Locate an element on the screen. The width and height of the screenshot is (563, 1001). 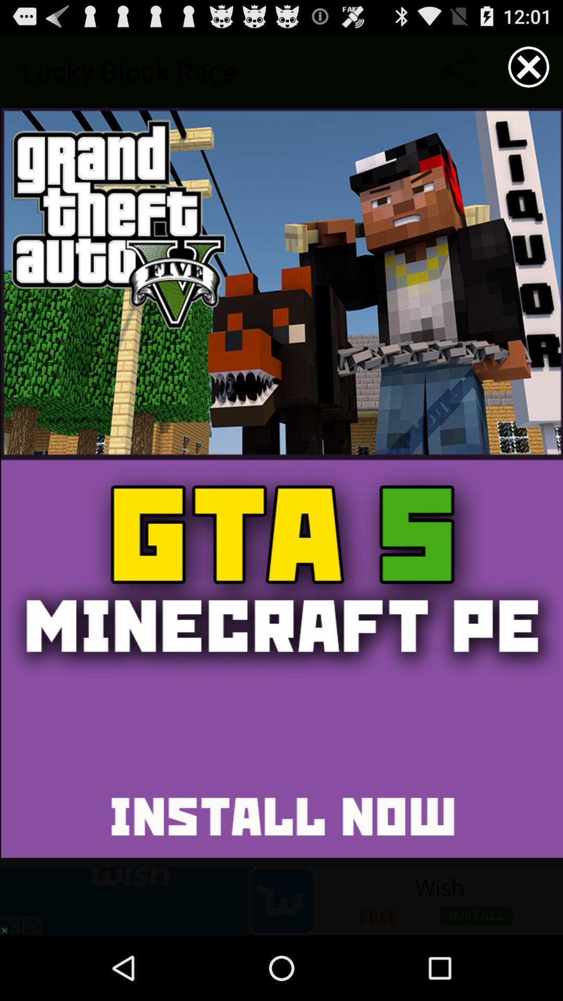
close button is located at coordinates (529, 66).